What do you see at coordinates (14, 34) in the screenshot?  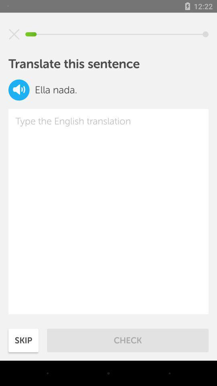 I see `exit out` at bounding box center [14, 34].